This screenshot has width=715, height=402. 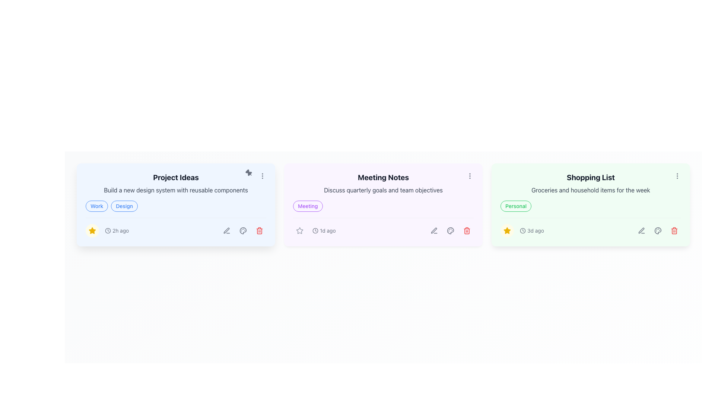 I want to click on the pen-shaped icon button located at the second position on the bottom action bar of the 'Shopping List' card to initiate the editing functionality, so click(x=641, y=230).